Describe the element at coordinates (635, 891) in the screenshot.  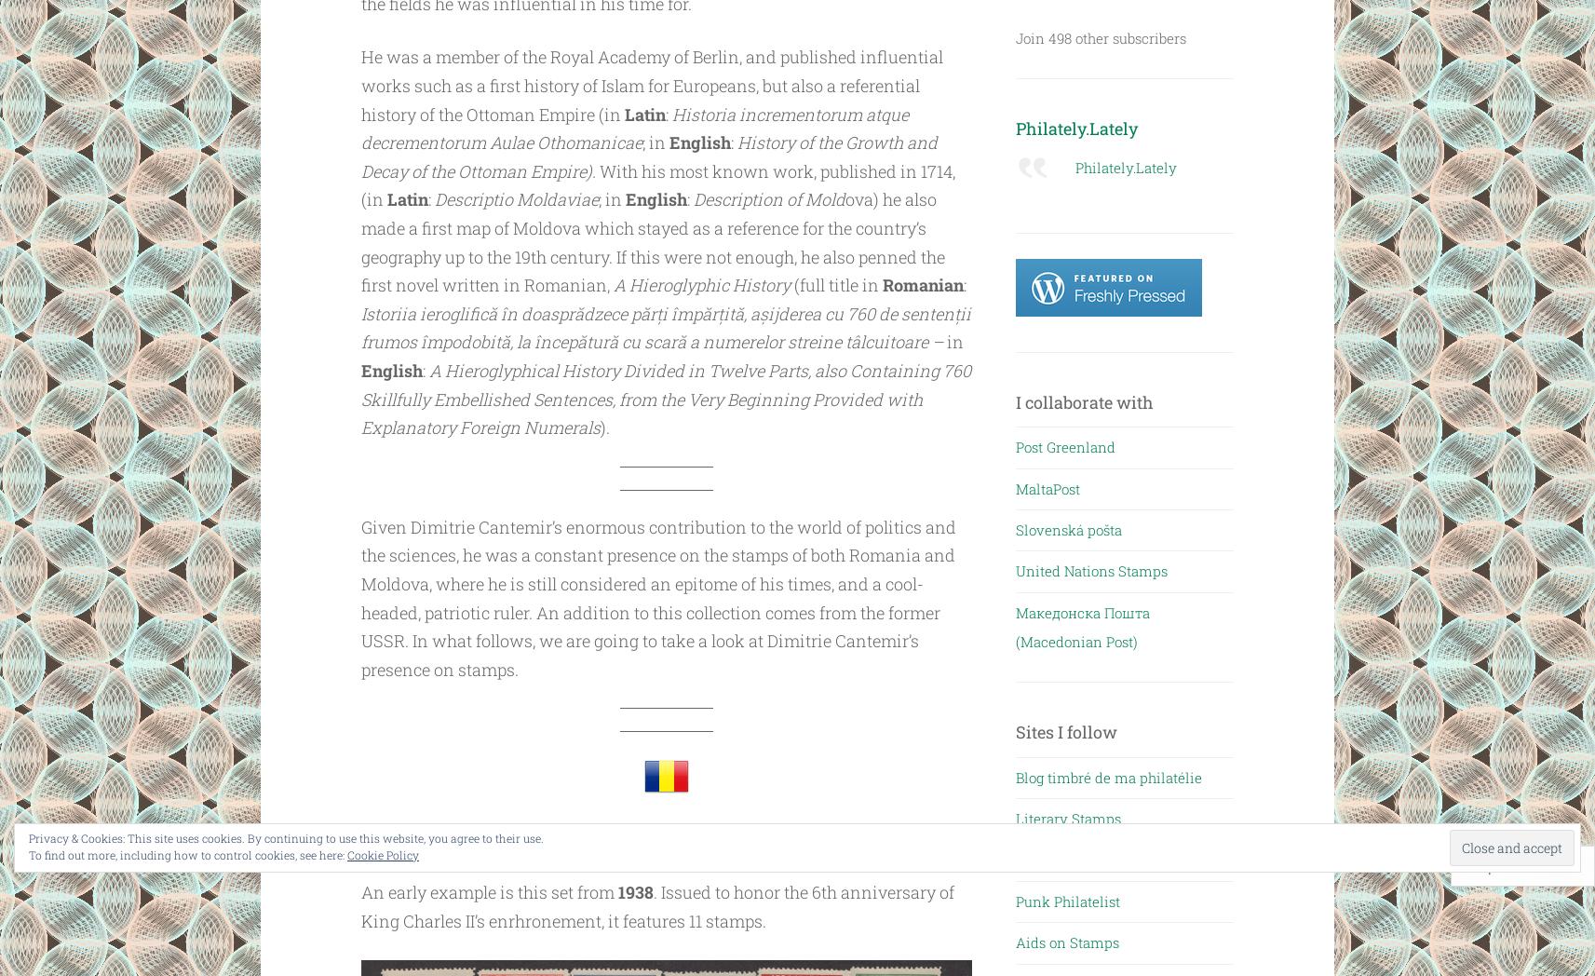
I see `'1938'` at that location.